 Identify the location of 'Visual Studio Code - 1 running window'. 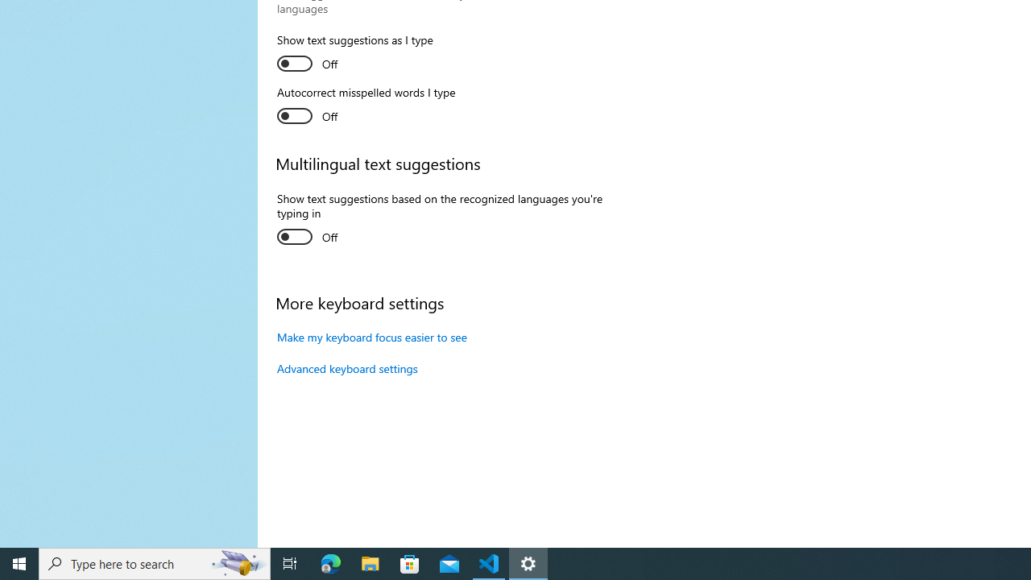
(488, 562).